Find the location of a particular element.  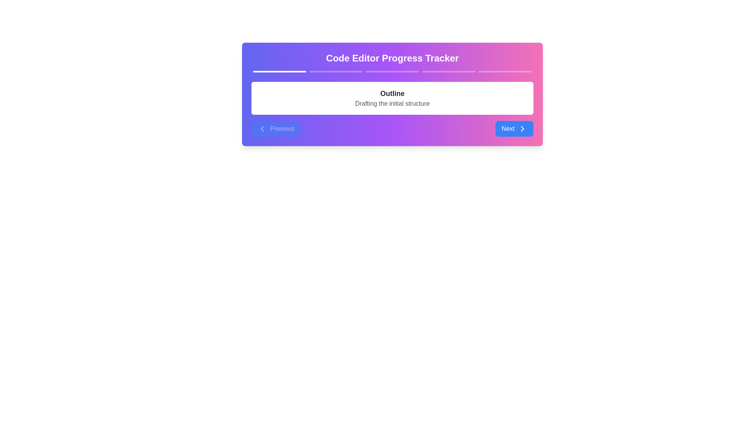

the chevron icon located inside the 'Next' button, which serves as a visual cue for navigation is located at coordinates (522, 128).